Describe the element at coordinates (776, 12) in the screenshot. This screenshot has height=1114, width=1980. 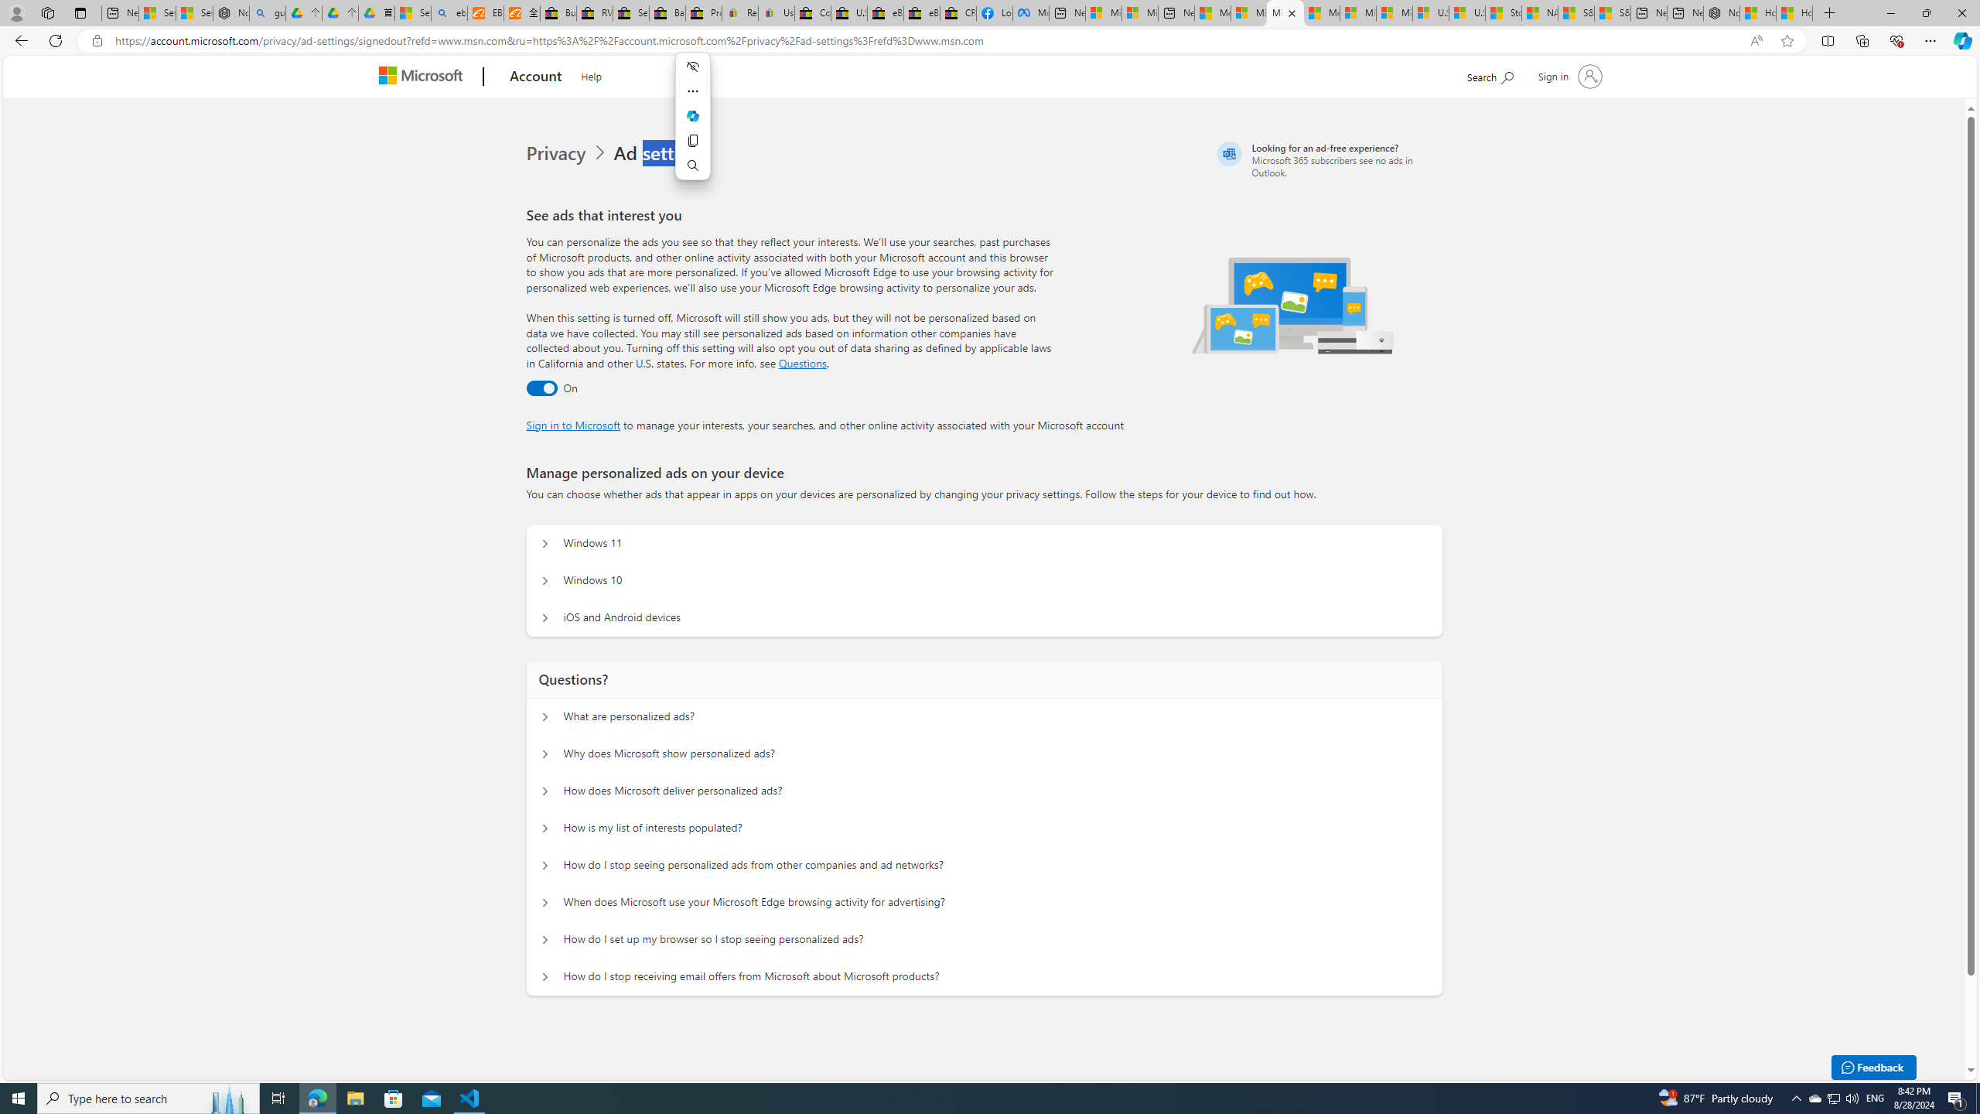
I see `'User Privacy Notice | eBay'` at that location.